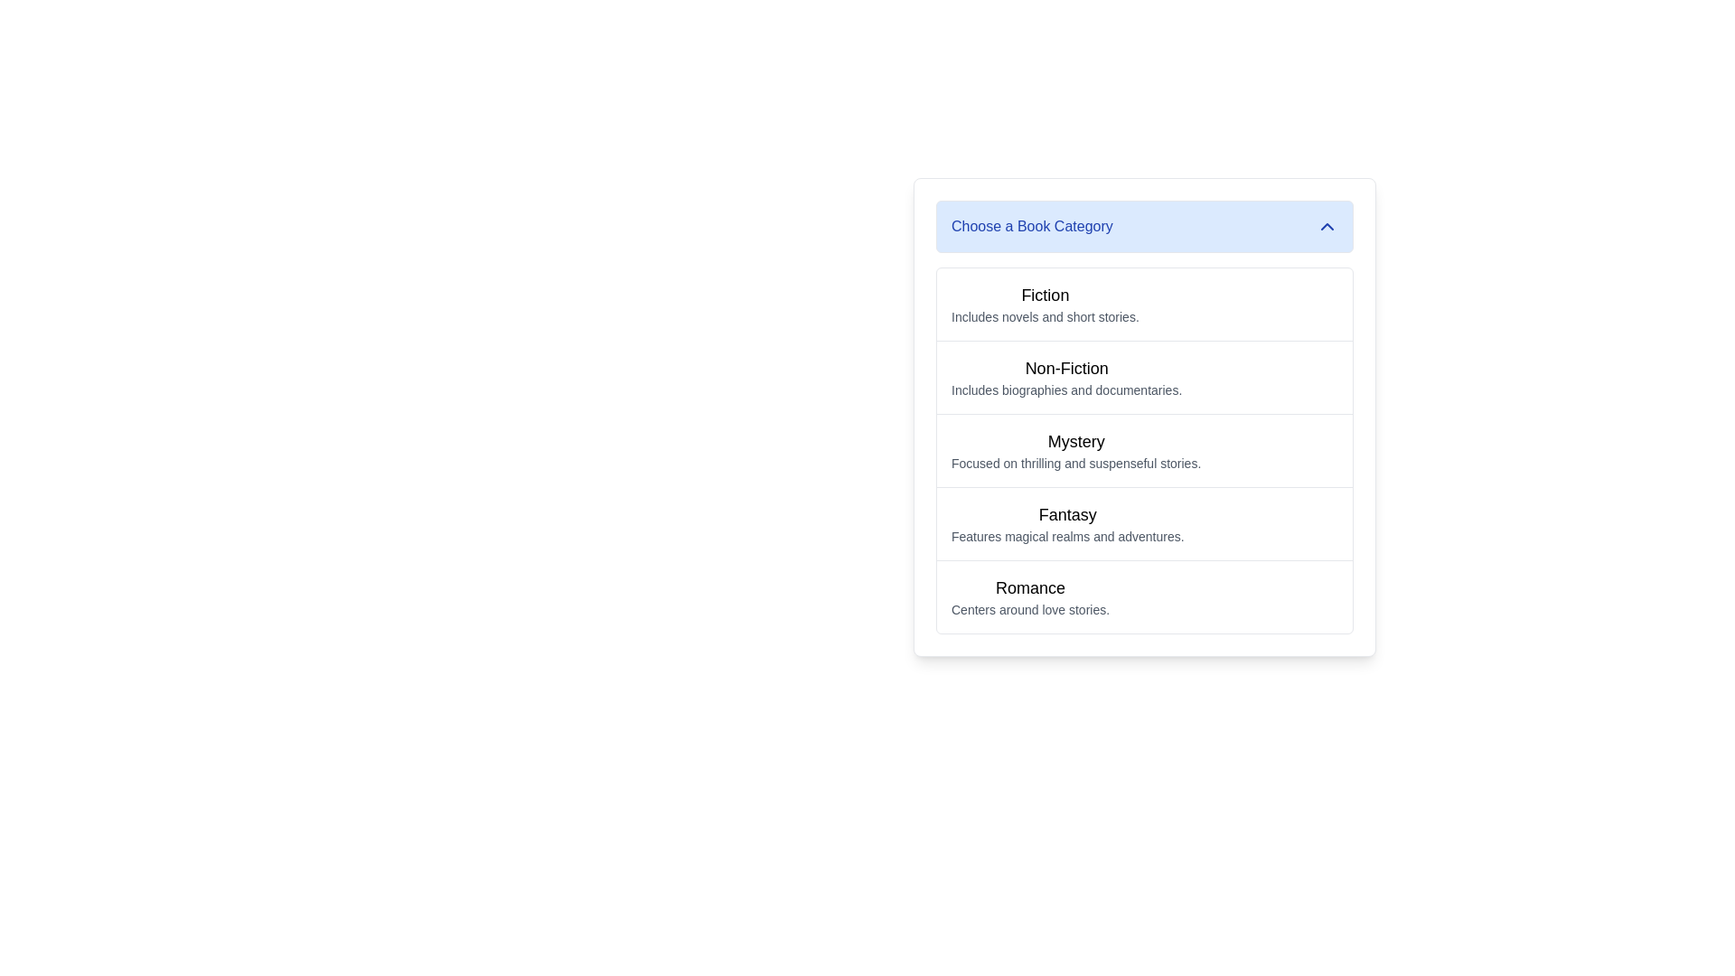 The width and height of the screenshot is (1735, 976). What do you see at coordinates (1067, 536) in the screenshot?
I see `the text label that provides an additional description for the 'Fantasy' category, positioned directly underneath the 'Fantasy' heading` at bounding box center [1067, 536].